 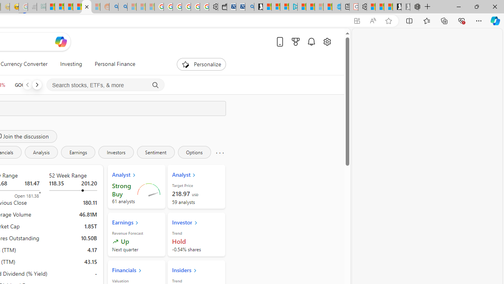 What do you see at coordinates (24, 64) in the screenshot?
I see `'Currency Converter'` at bounding box center [24, 64].